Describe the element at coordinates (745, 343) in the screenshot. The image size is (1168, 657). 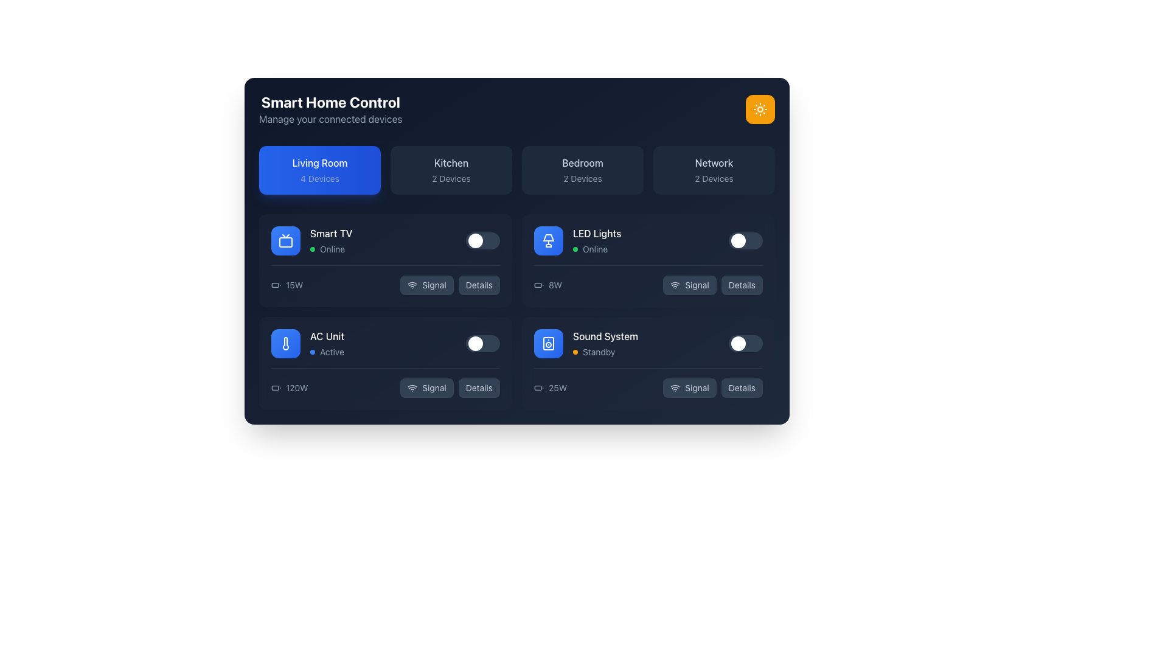
I see `the toggle switch for the 'Sound System'` at that location.